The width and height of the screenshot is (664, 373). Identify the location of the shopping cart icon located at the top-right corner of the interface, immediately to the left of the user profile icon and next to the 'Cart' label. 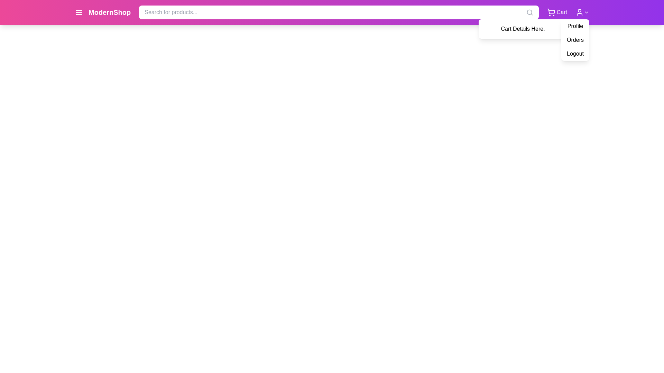
(551, 11).